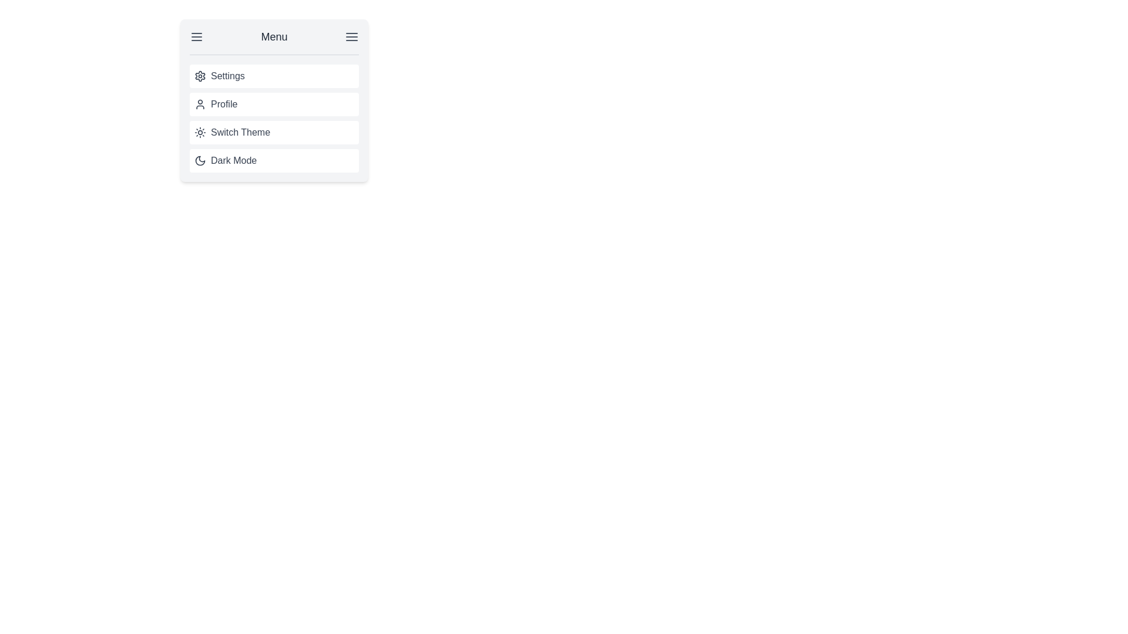 The width and height of the screenshot is (1128, 634). Describe the element at coordinates (200, 75) in the screenshot. I see `the cogwheel-style icon located to the left of the 'Settings' text label in the topmost row of the menu` at that location.